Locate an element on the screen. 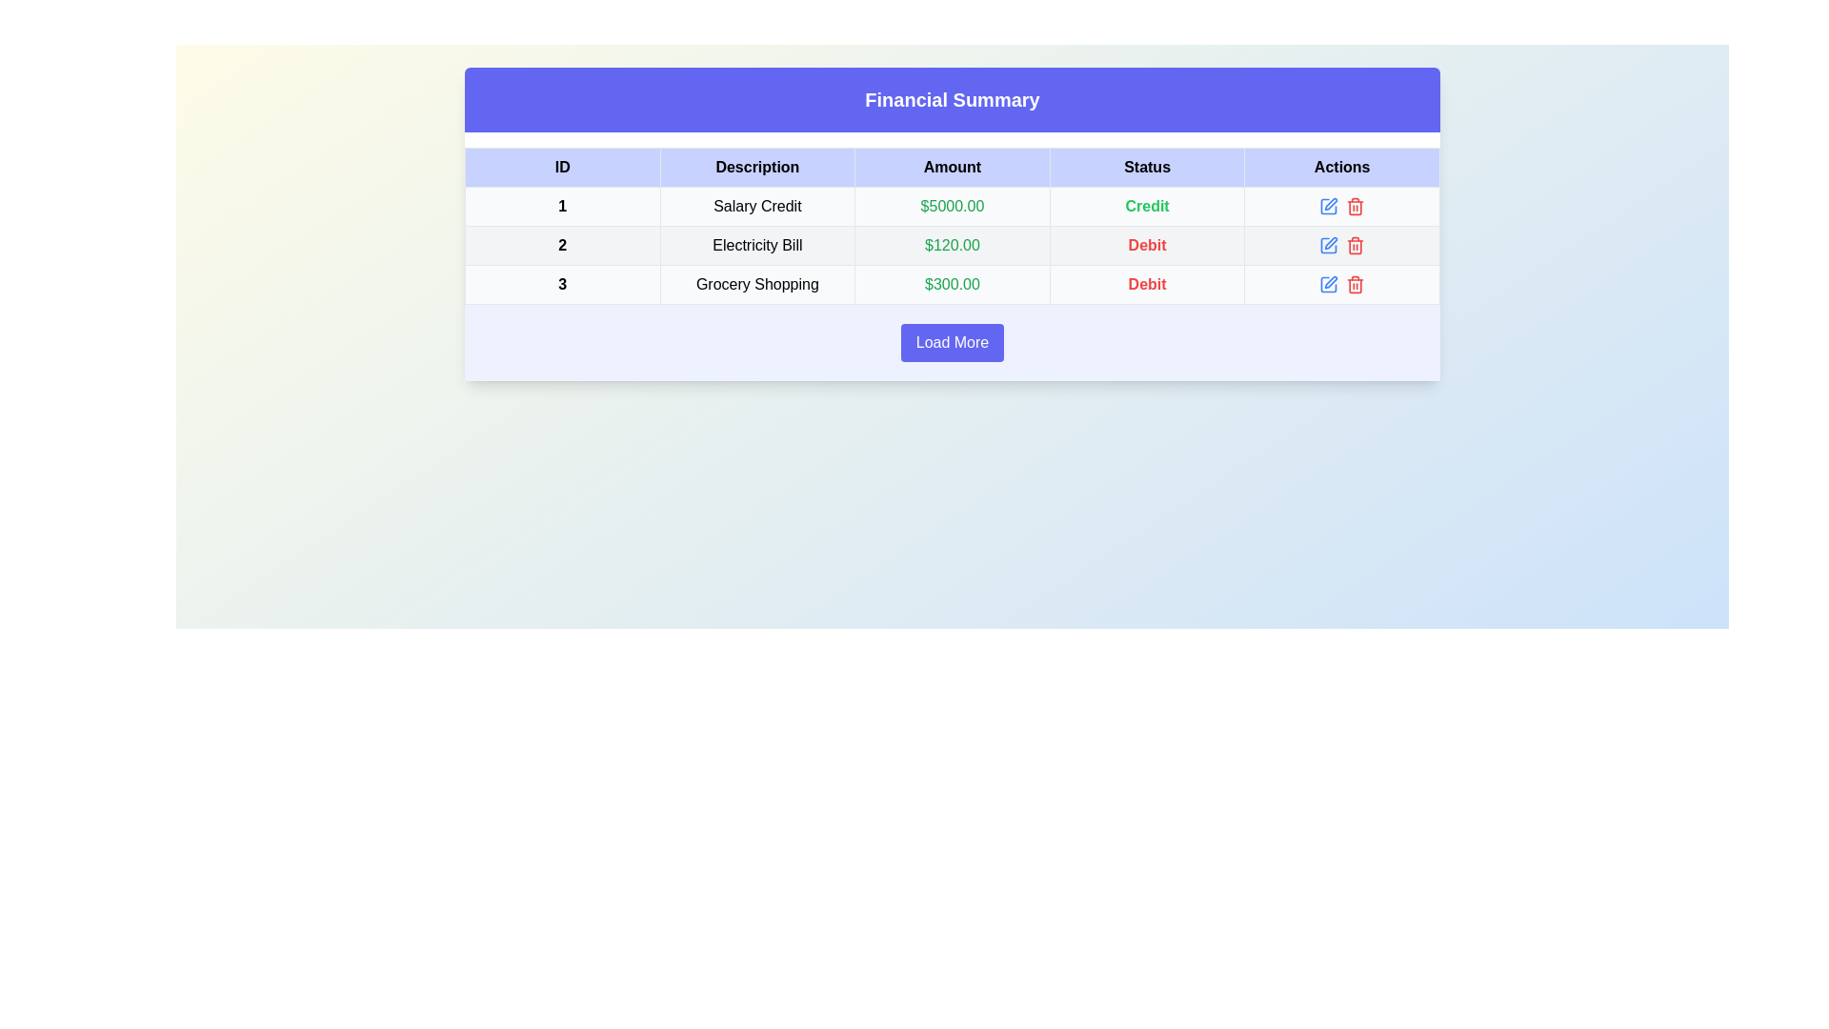 The height and width of the screenshot is (1029, 1829). the edit tool icon located in the 'Actions' column of the table for the 'Salary Credit' entry to initiate editing is located at coordinates (1330, 204).